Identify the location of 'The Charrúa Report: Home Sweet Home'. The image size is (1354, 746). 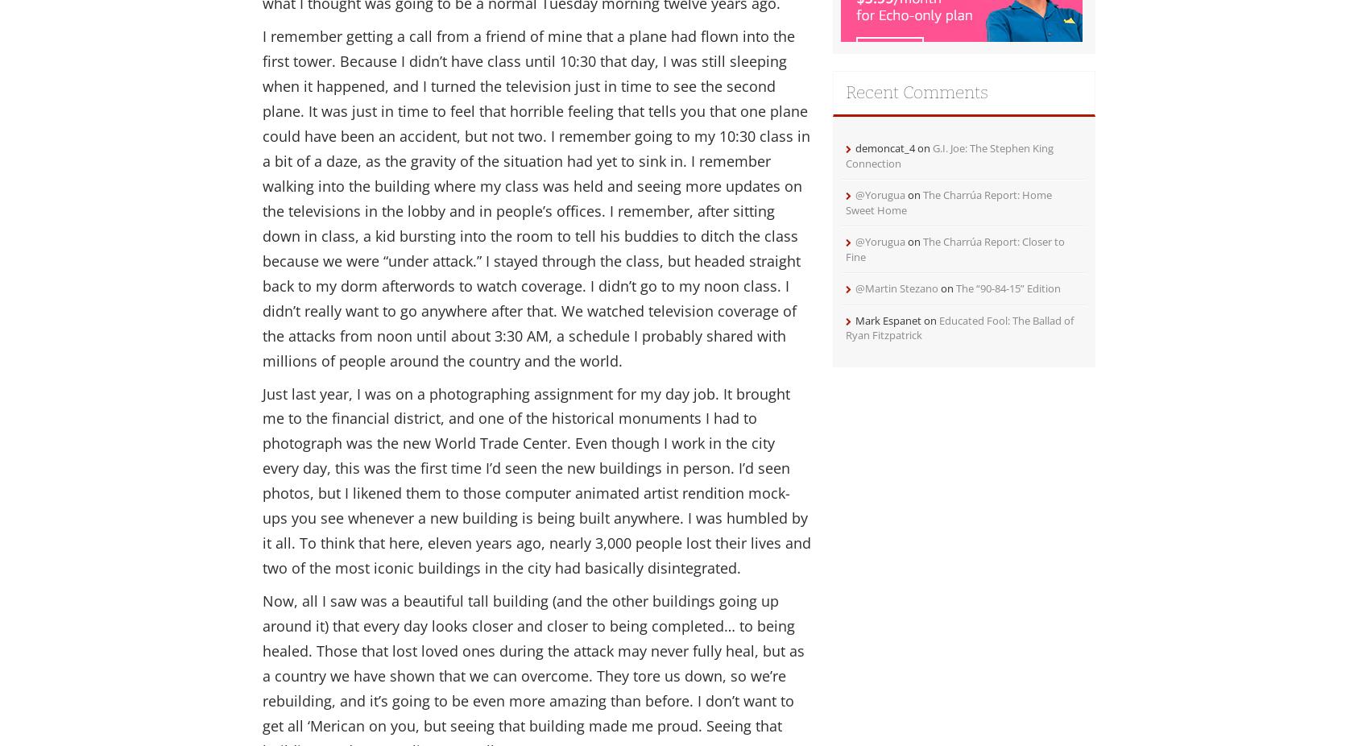
(948, 202).